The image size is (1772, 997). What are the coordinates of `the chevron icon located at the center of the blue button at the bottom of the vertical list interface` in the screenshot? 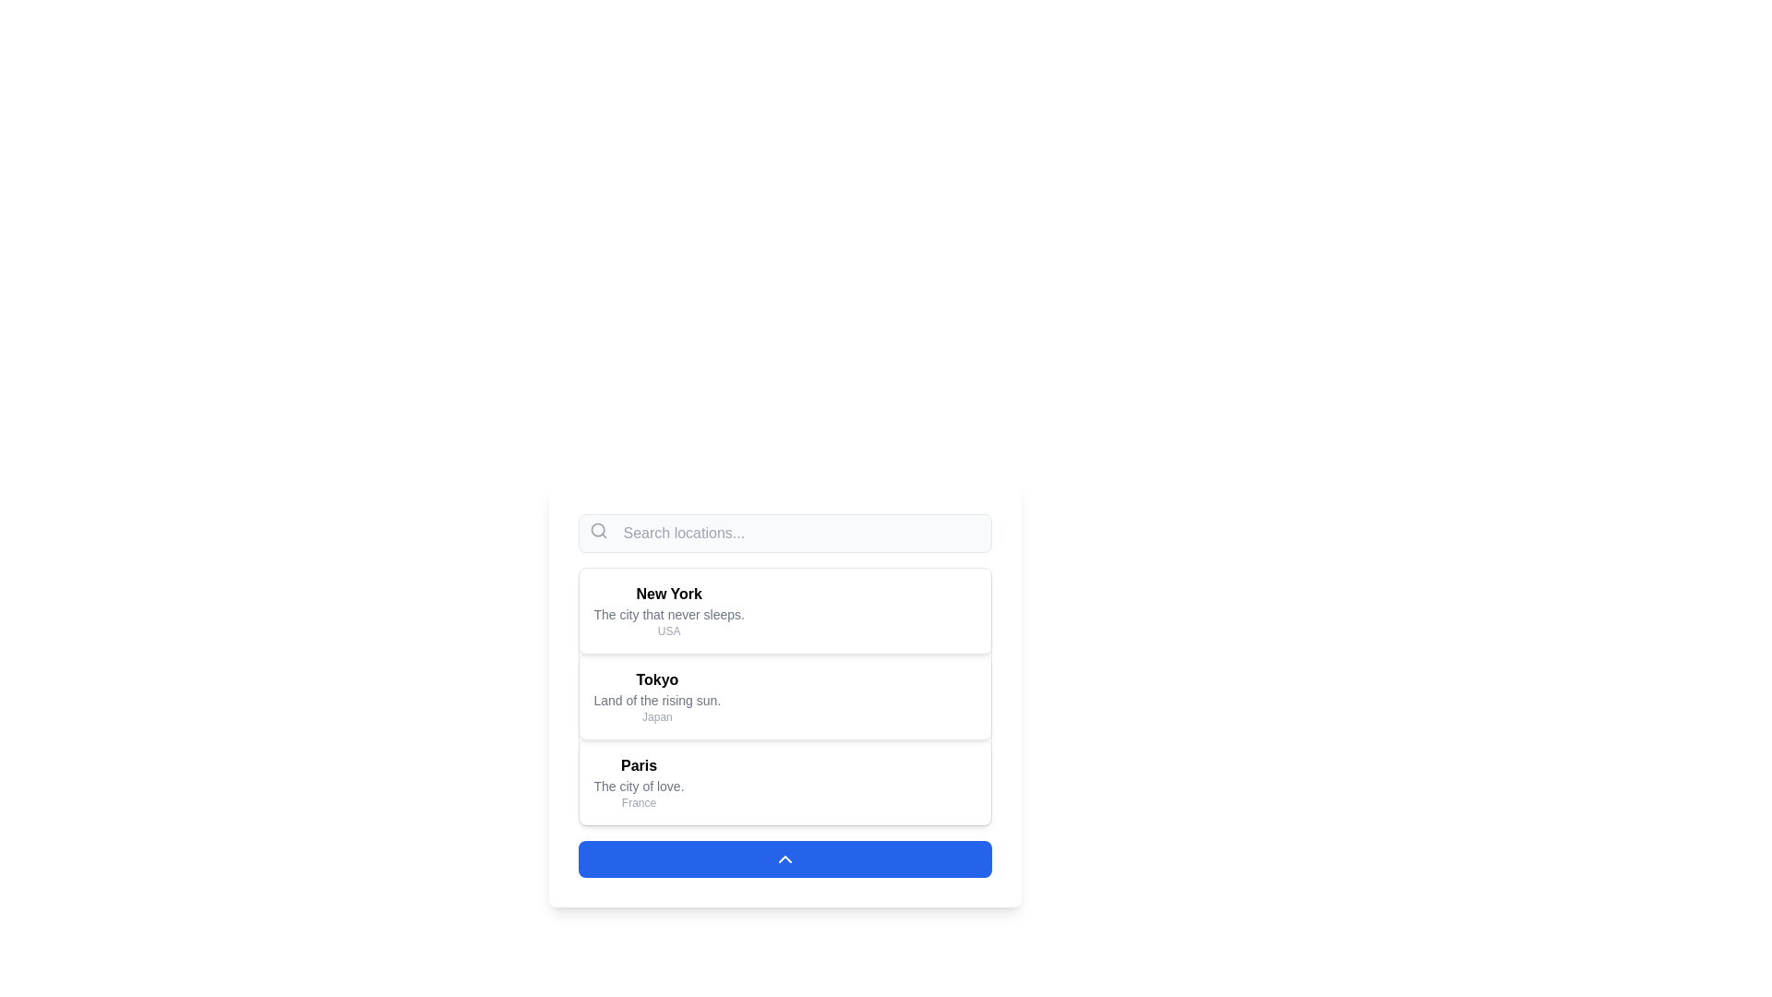 It's located at (784, 859).